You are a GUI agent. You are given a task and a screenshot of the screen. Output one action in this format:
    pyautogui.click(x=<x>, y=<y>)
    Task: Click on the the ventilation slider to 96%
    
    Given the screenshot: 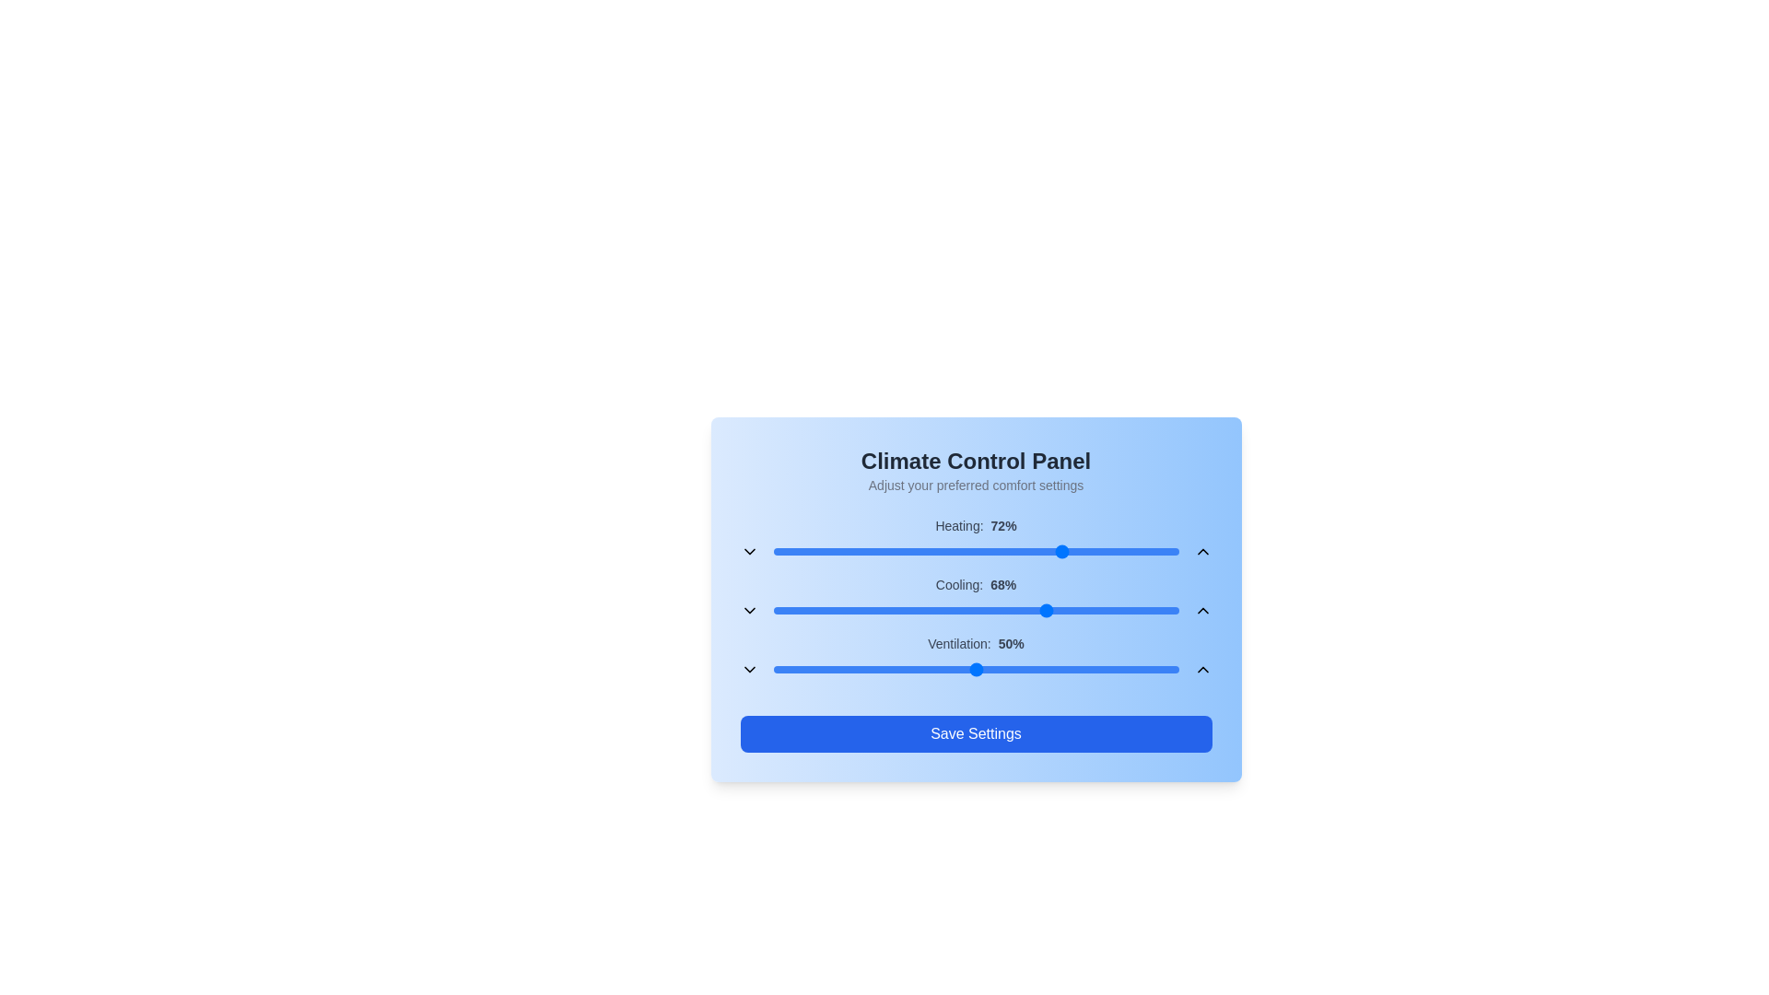 What is the action you would take?
    pyautogui.click(x=1161, y=669)
    